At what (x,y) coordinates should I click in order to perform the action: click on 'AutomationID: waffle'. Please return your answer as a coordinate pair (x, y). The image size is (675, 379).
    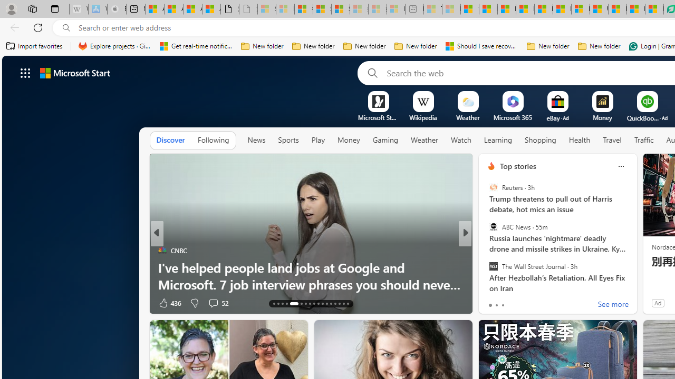
    Looking at the image, I should click on (25, 72).